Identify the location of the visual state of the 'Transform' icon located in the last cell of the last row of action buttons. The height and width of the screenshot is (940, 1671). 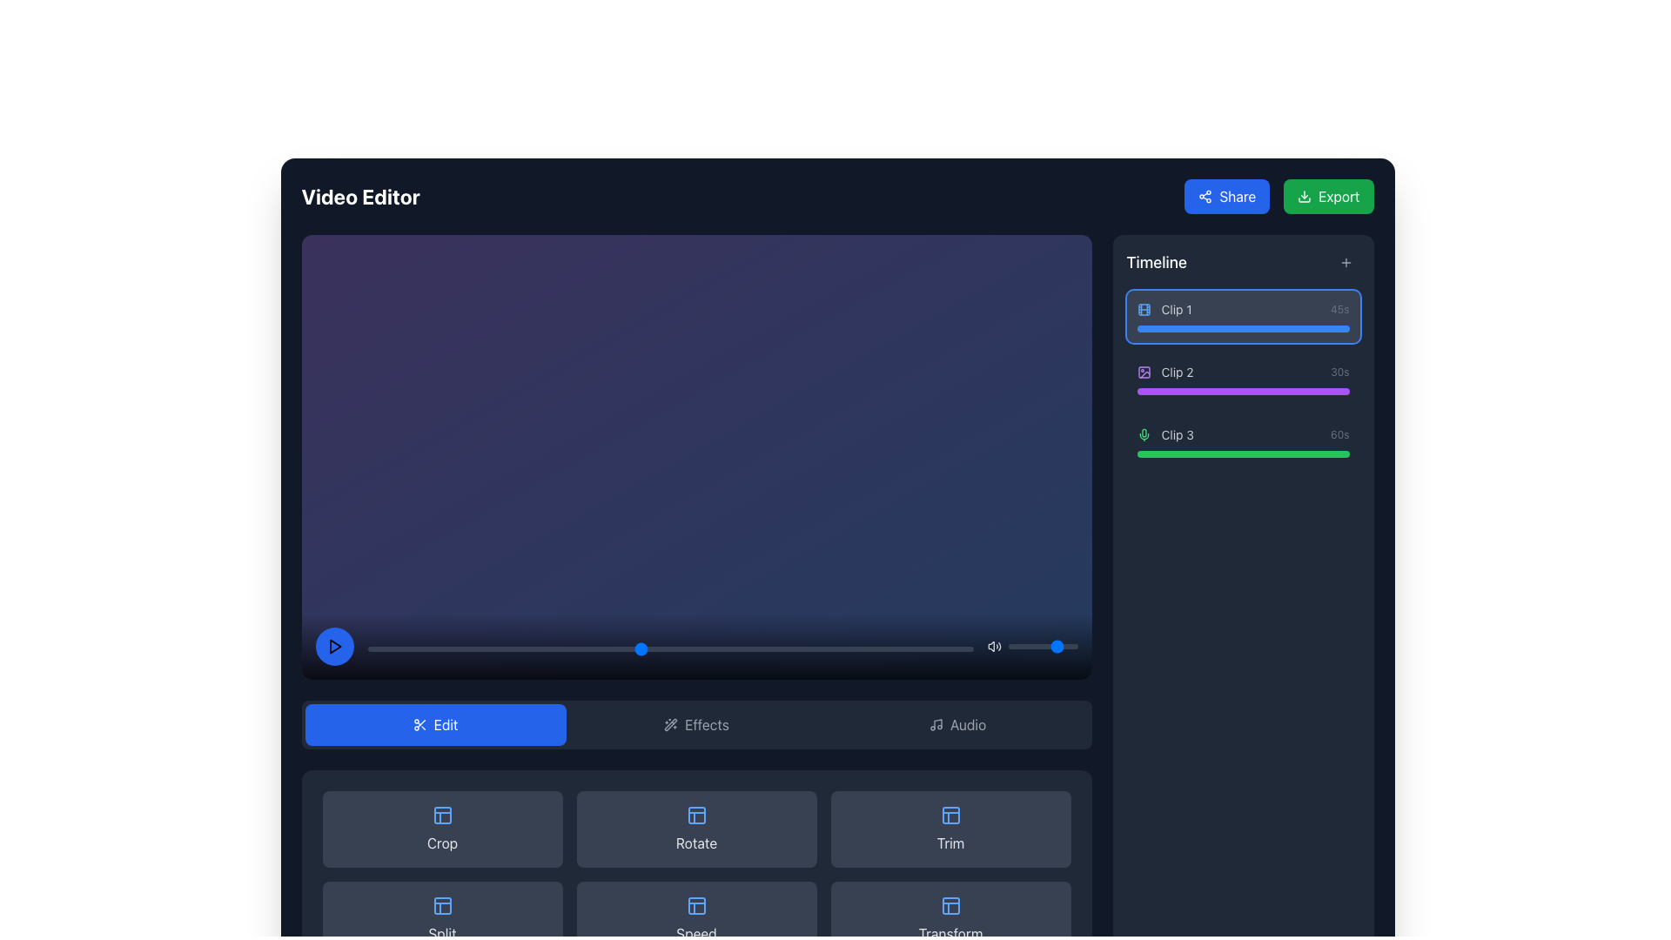
(950, 904).